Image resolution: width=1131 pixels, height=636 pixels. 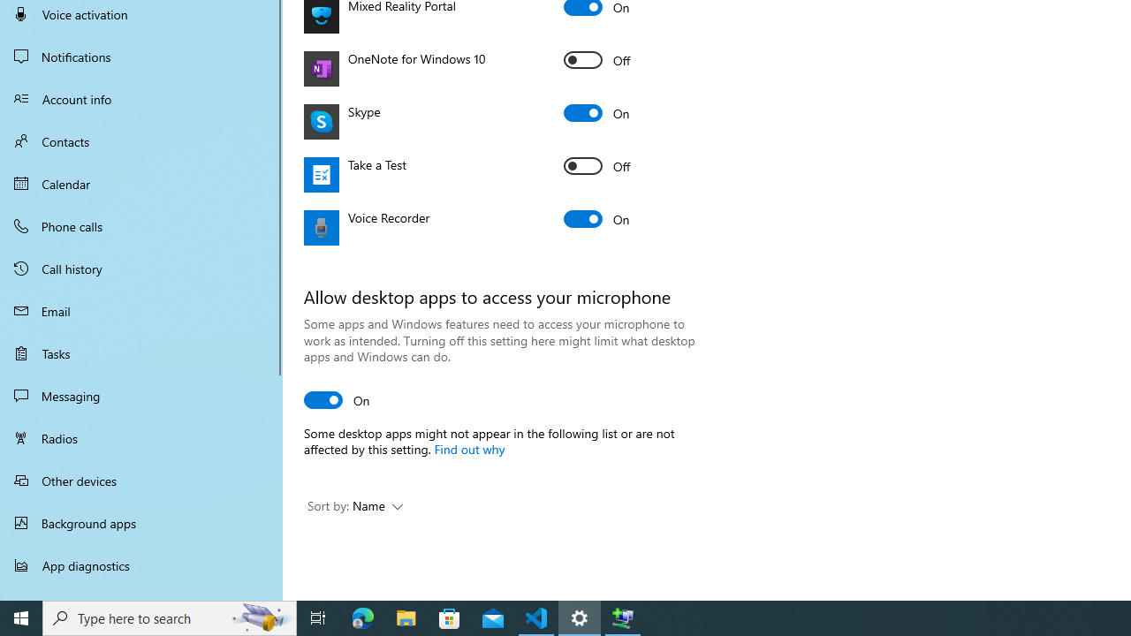 I want to click on 'Find out why', so click(x=468, y=447).